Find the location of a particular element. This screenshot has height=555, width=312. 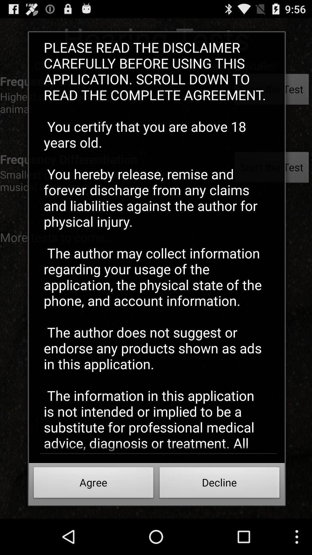

the decline is located at coordinates (220, 484).